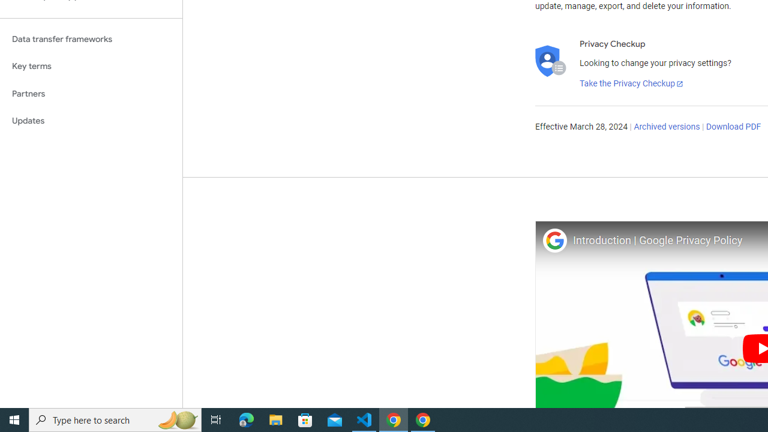 This screenshot has width=768, height=432. What do you see at coordinates (554, 240) in the screenshot?
I see `'Photo image of Google'` at bounding box center [554, 240].